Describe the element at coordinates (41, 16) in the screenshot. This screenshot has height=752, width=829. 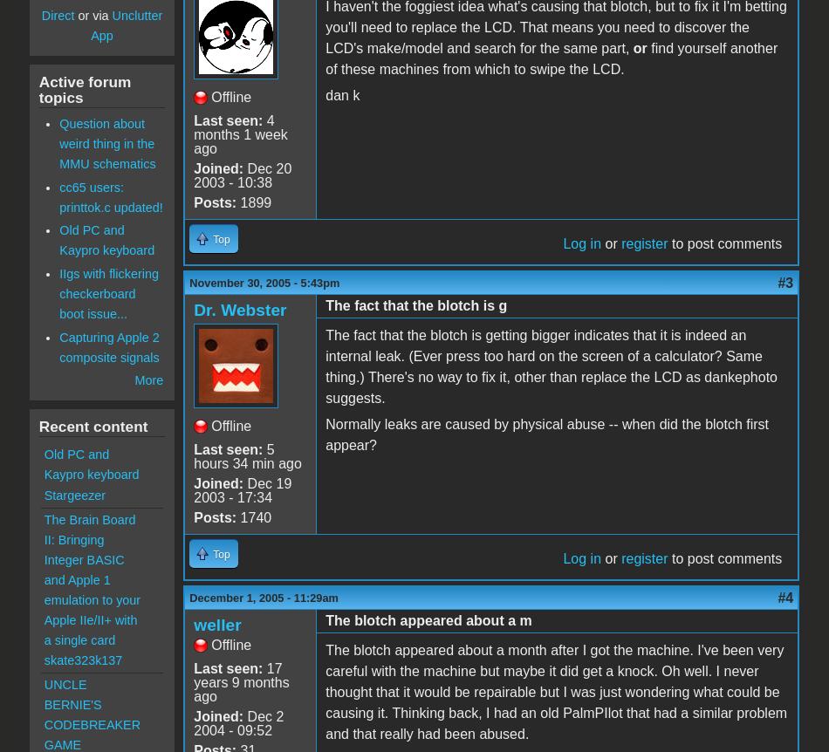
I see `'Direct'` at that location.